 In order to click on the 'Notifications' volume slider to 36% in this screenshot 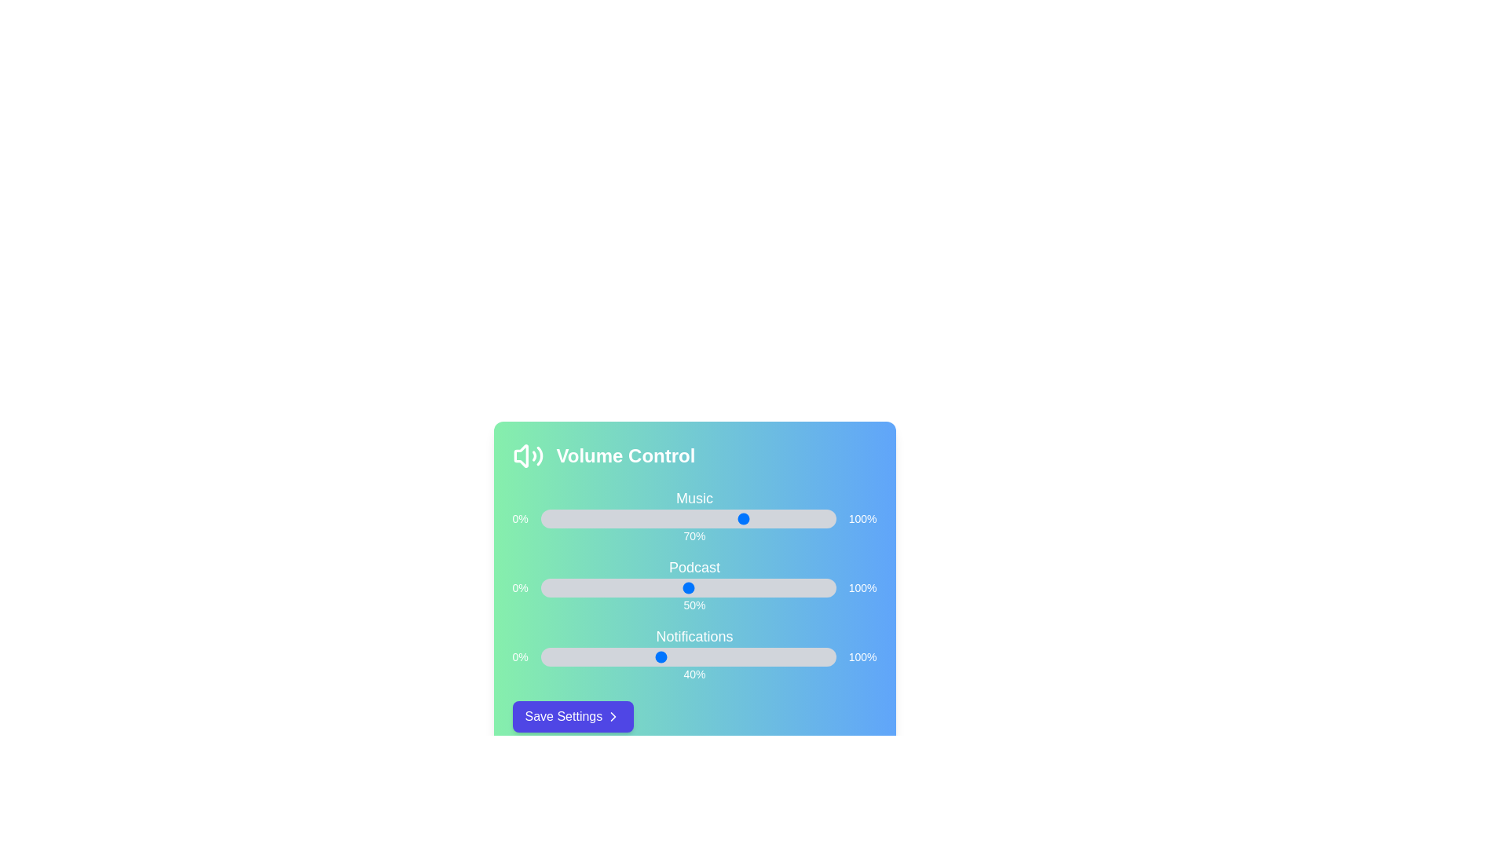, I will do `click(647, 657)`.